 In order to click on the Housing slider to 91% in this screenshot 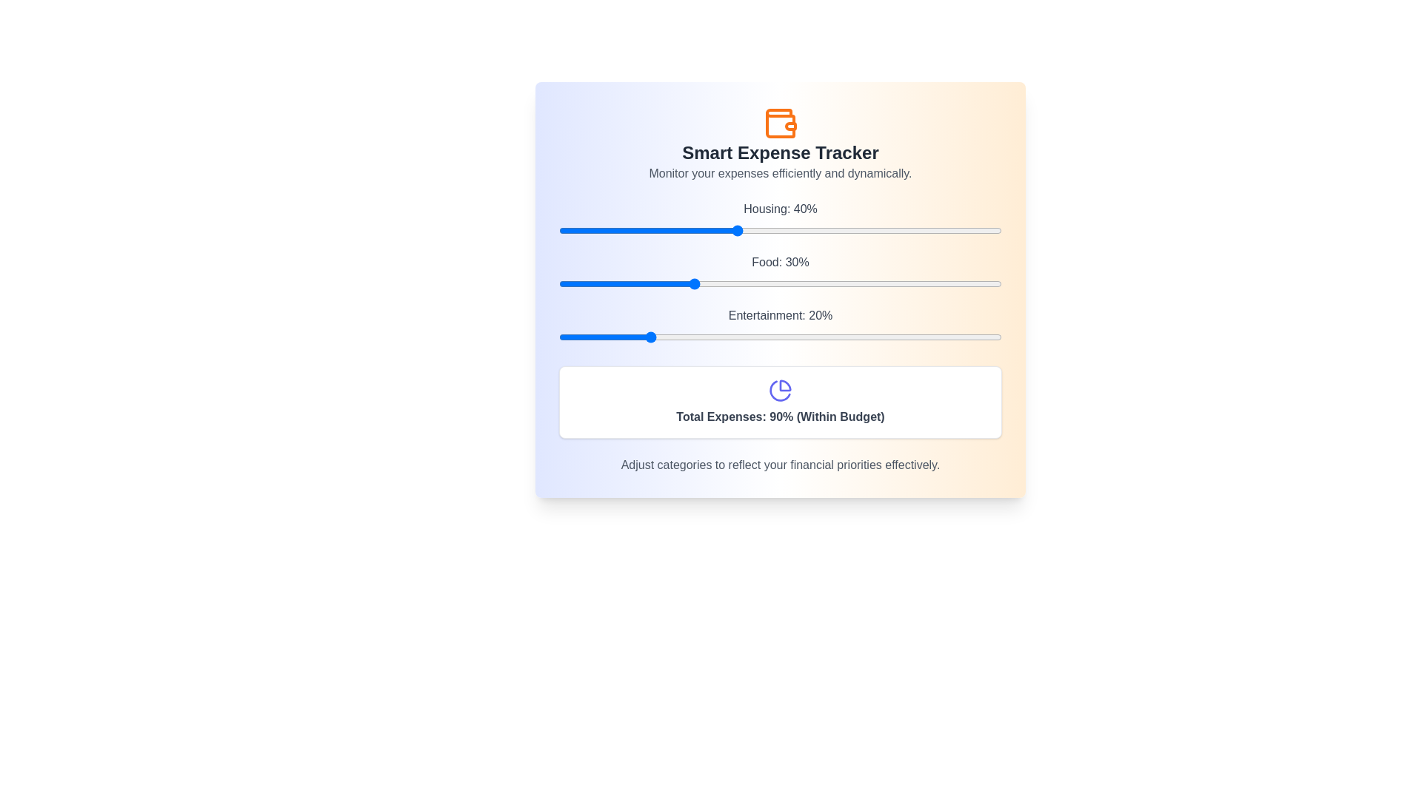, I will do `click(962, 231)`.